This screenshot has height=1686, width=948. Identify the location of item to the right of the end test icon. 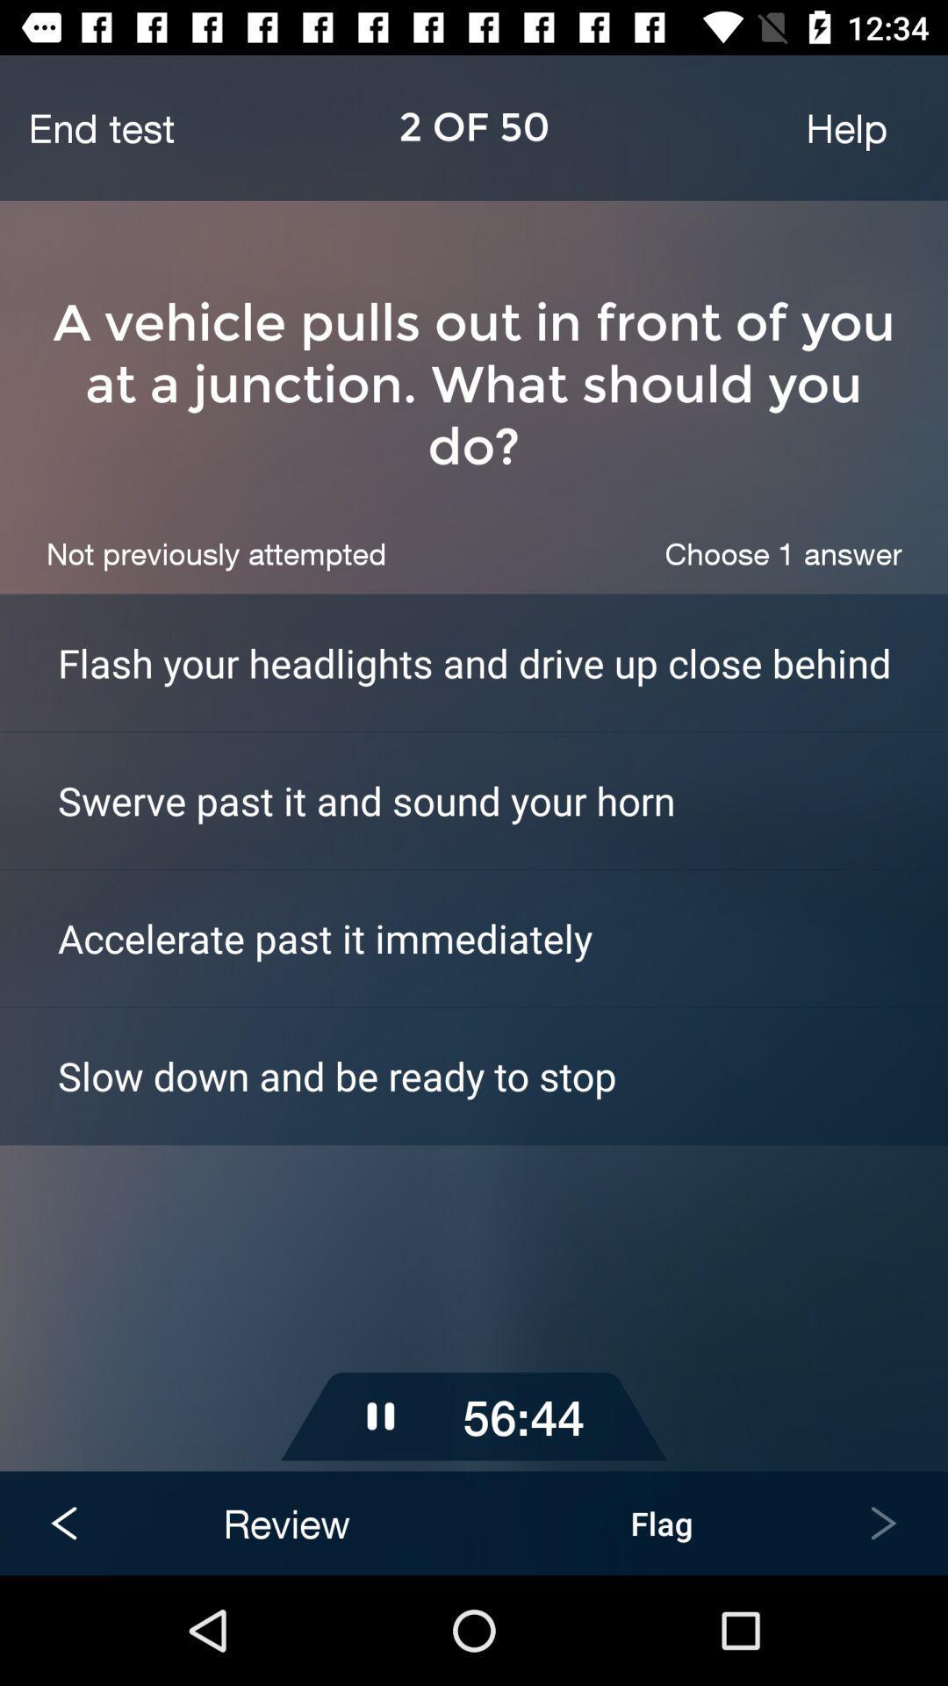
(845, 126).